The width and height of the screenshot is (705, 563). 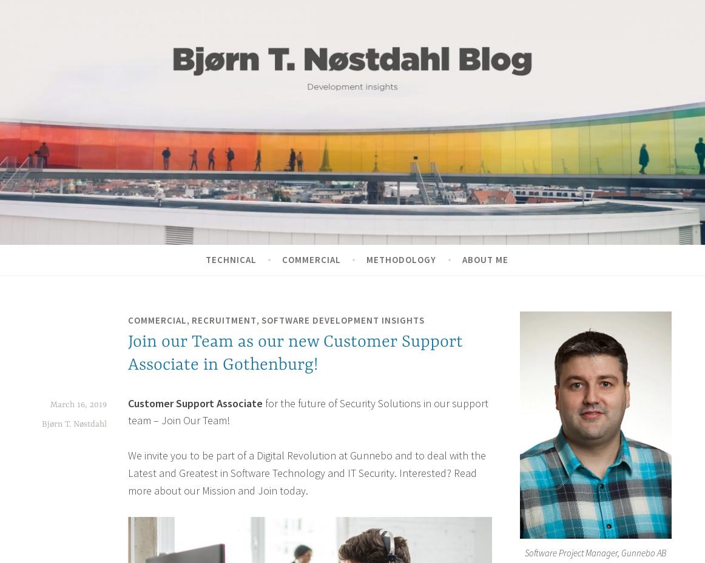 What do you see at coordinates (342, 319) in the screenshot?
I see `'Software Development Insights'` at bounding box center [342, 319].